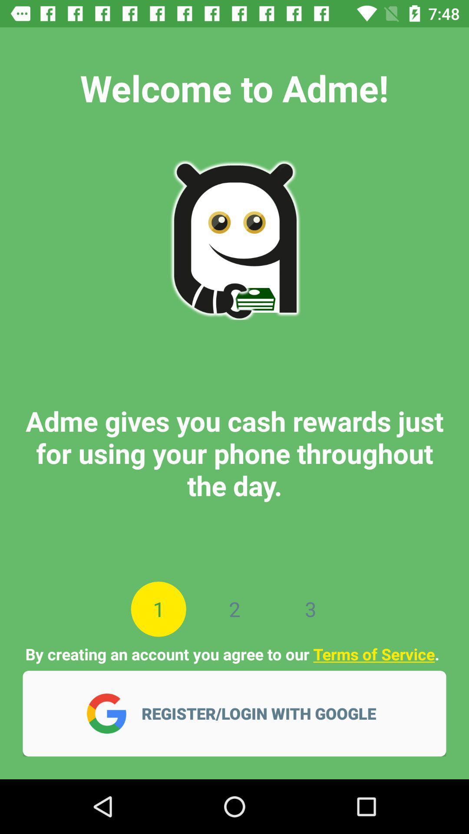 This screenshot has height=834, width=469. Describe the element at coordinates (234, 609) in the screenshot. I see `the icon to the left of the 3 app` at that location.